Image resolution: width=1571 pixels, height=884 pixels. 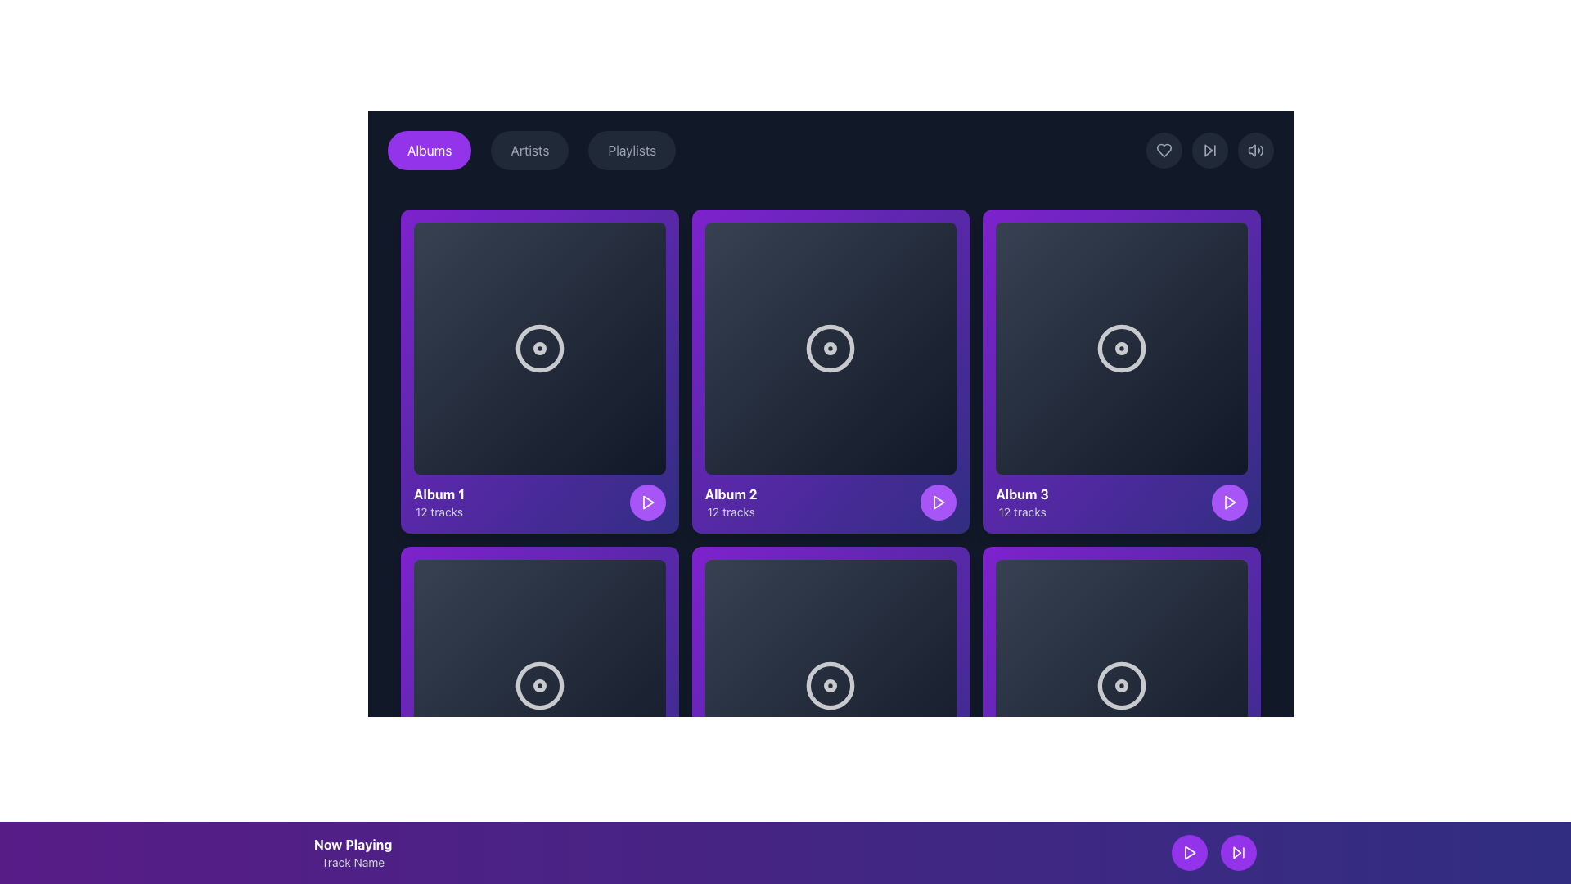 What do you see at coordinates (352, 851) in the screenshot?
I see `information displayed in the Text Display element located in the bottom-left corner of the application layout, which shows the title of the currently playing audio track` at bounding box center [352, 851].